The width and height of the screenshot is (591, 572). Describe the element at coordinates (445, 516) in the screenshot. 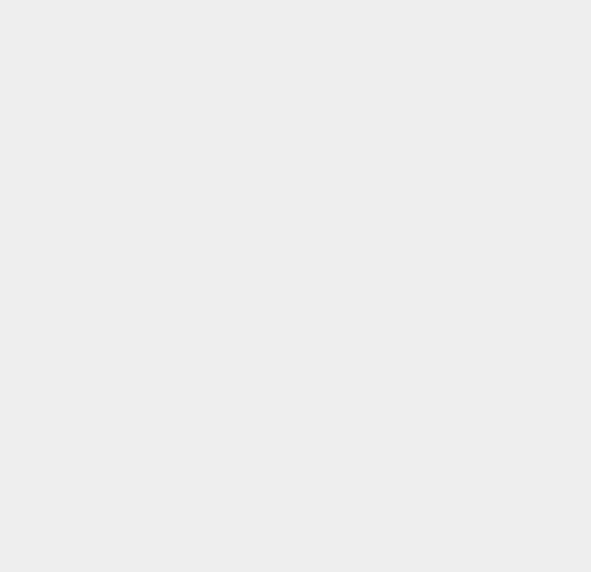

I see `'Digital Marketing'` at that location.